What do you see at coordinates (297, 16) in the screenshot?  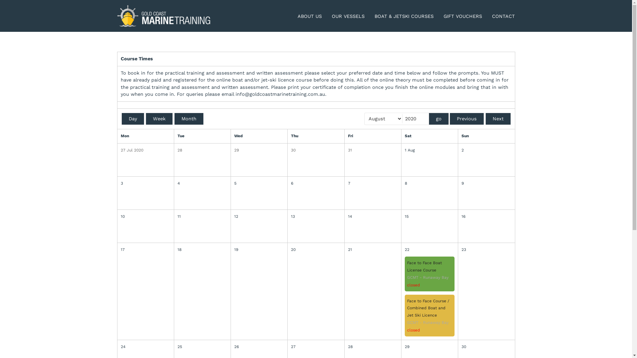 I see `'ABOUT US'` at bounding box center [297, 16].